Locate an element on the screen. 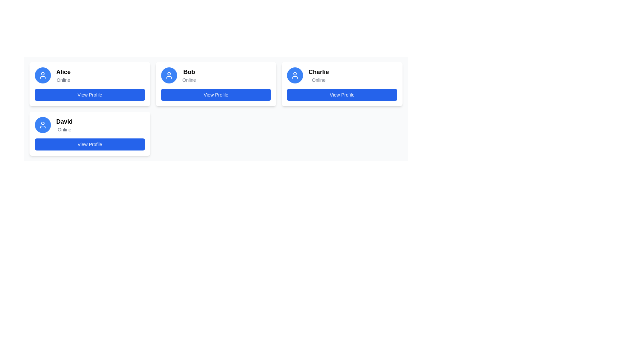 The height and width of the screenshot is (362, 643). the user profile icon represented as a circular icon with a person's bust outline, located at the top-right corner of the card labeled 'Bob', which is the second card in the grid structure is located at coordinates (169, 75).